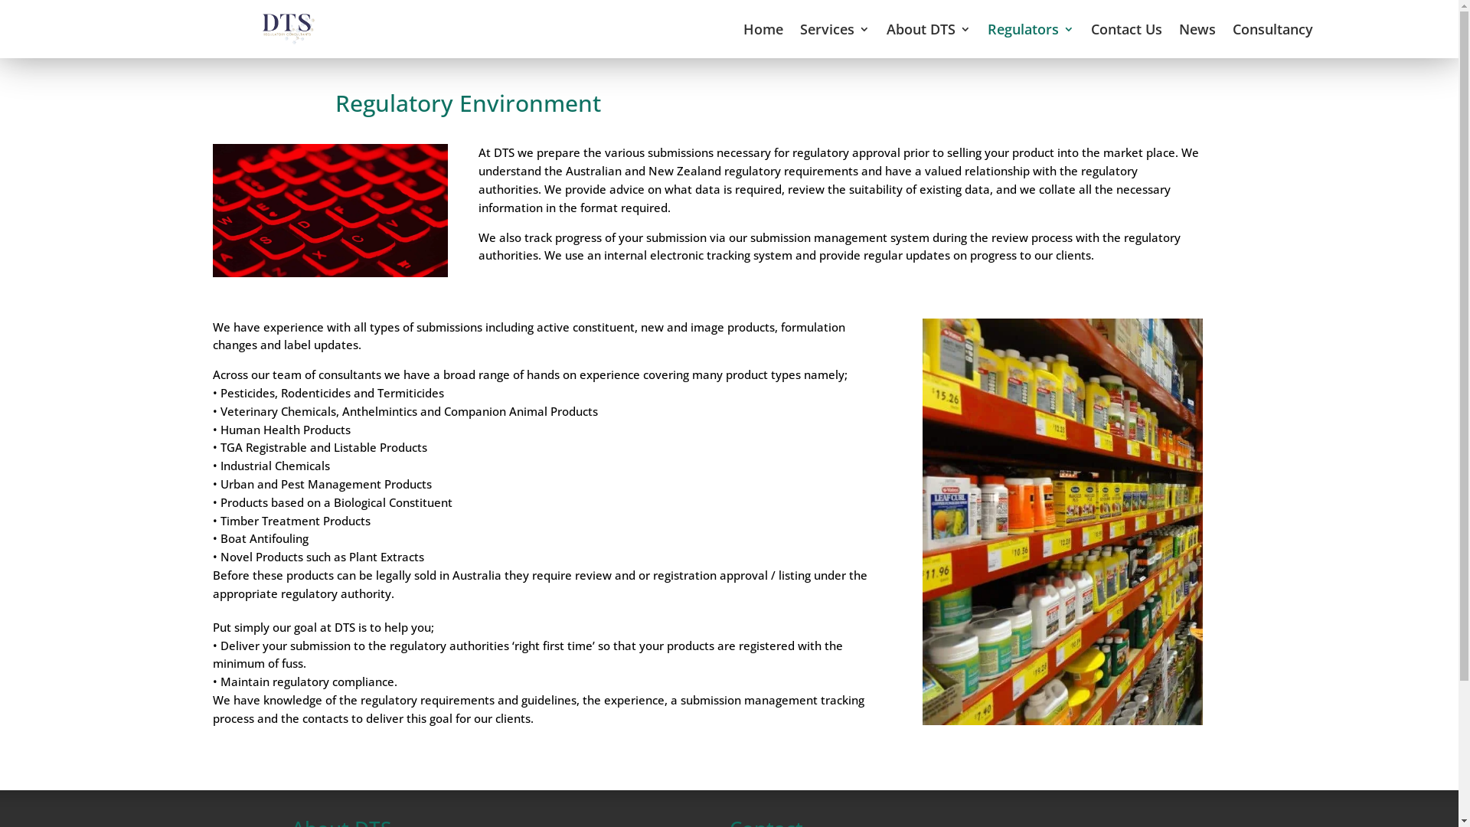 The height and width of the screenshot is (827, 1470). I want to click on 'taskin-ashiq-464194-unsplash', so click(329, 210).